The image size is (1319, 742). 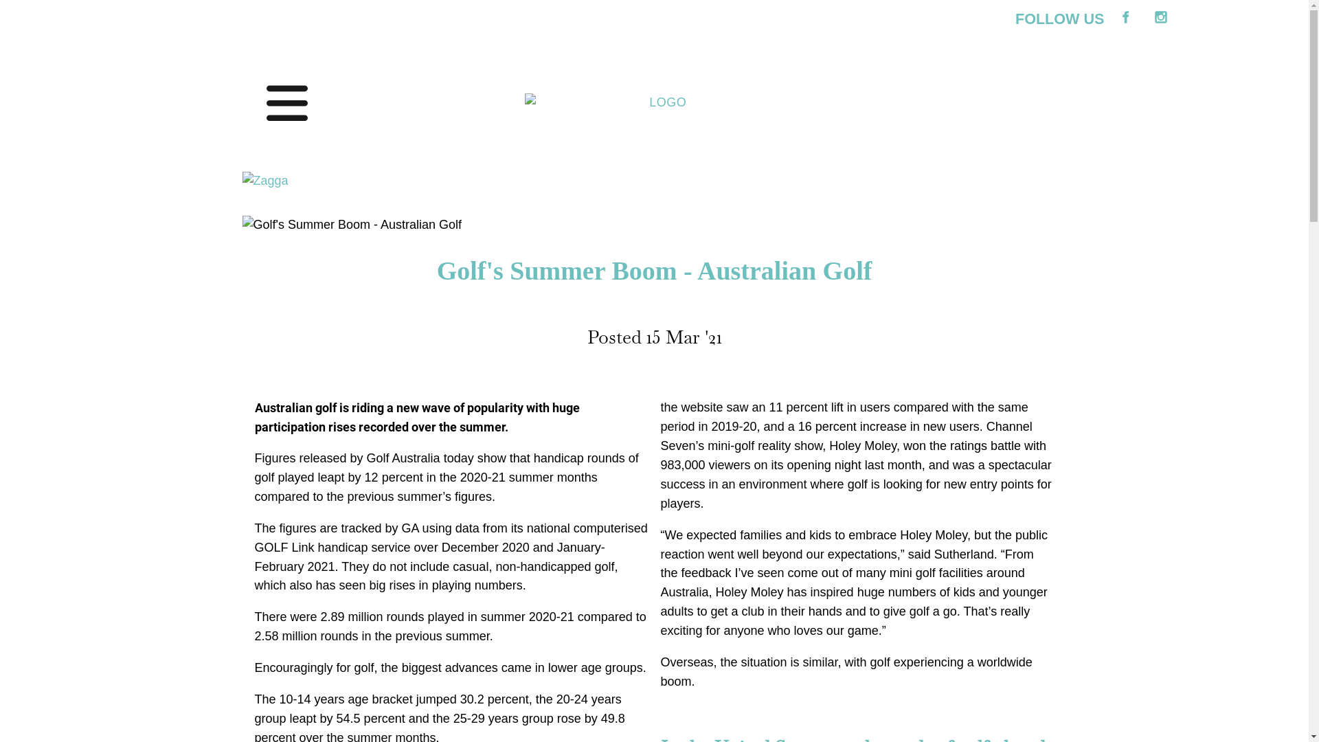 I want to click on 'Facebook', so click(x=1107, y=16).